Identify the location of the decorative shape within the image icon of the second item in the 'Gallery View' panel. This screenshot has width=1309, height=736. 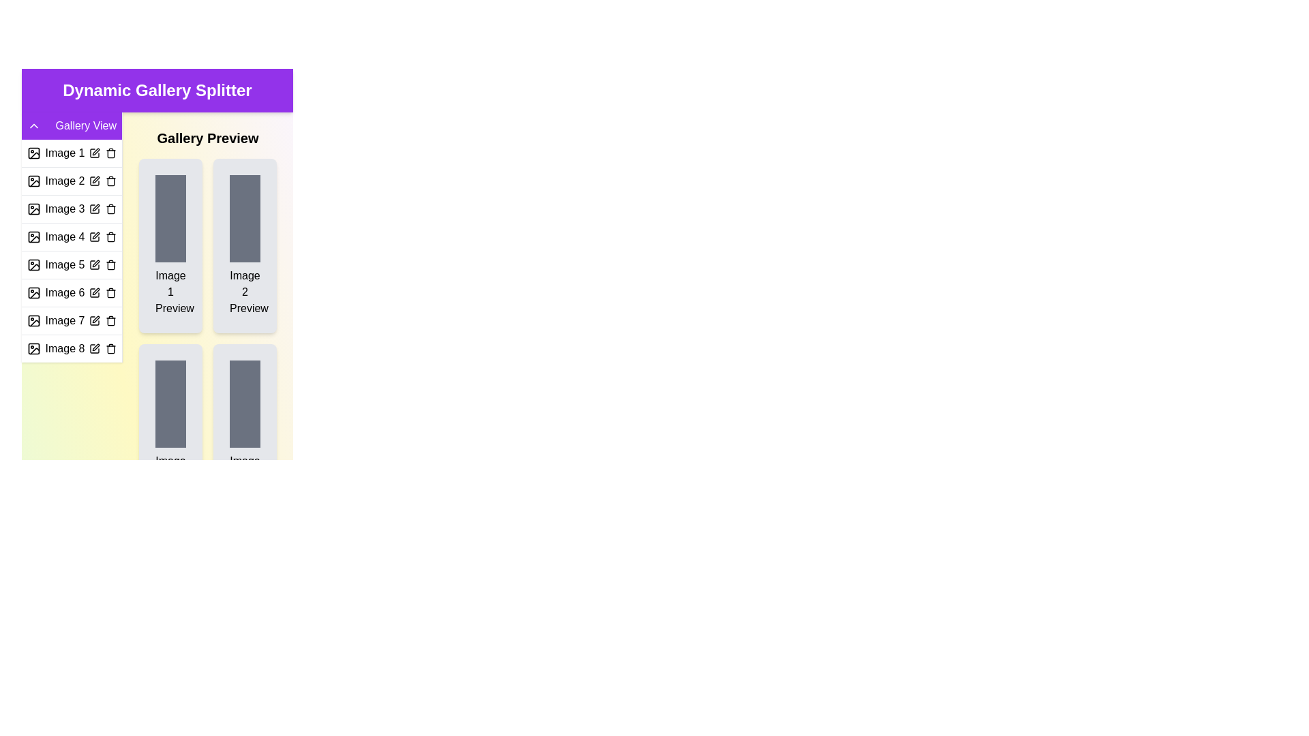
(33, 181).